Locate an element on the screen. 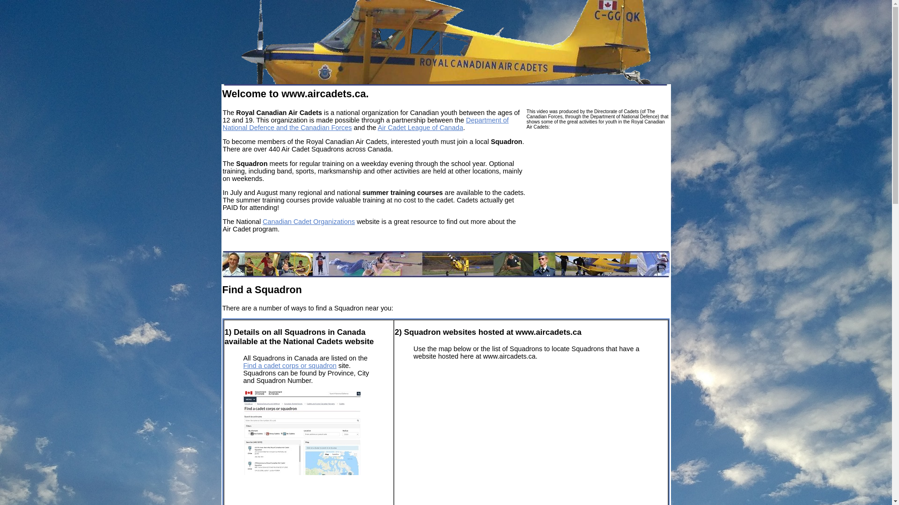 This screenshot has height=505, width=899. 'Canadian Cadet Organizations' is located at coordinates (262, 222).